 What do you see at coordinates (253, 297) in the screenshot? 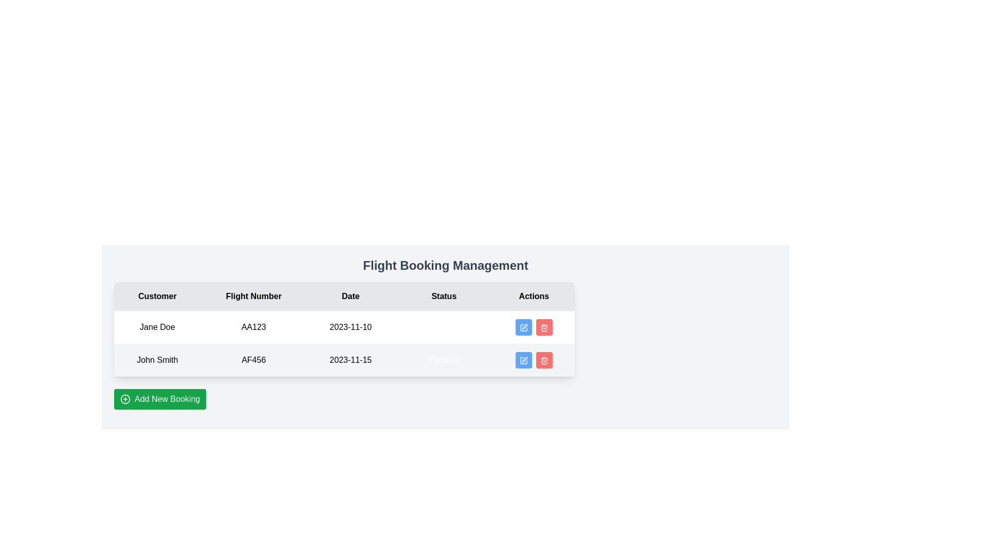
I see `the 'Flight Number' column header in the table, which is located between the 'Customer' and 'Date' column headers in the 'Flight Booking Management' interface` at bounding box center [253, 297].